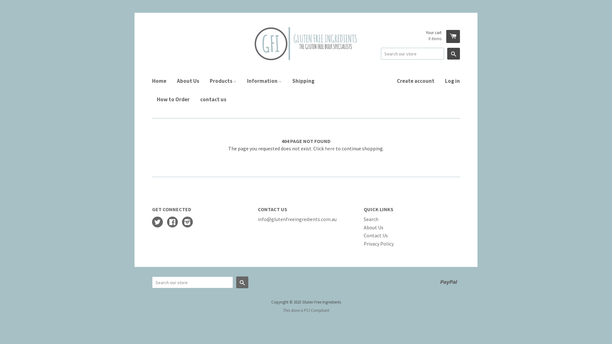 The height and width of the screenshot is (344, 612). Describe the element at coordinates (223, 81) in the screenshot. I see `'Products'` at that location.